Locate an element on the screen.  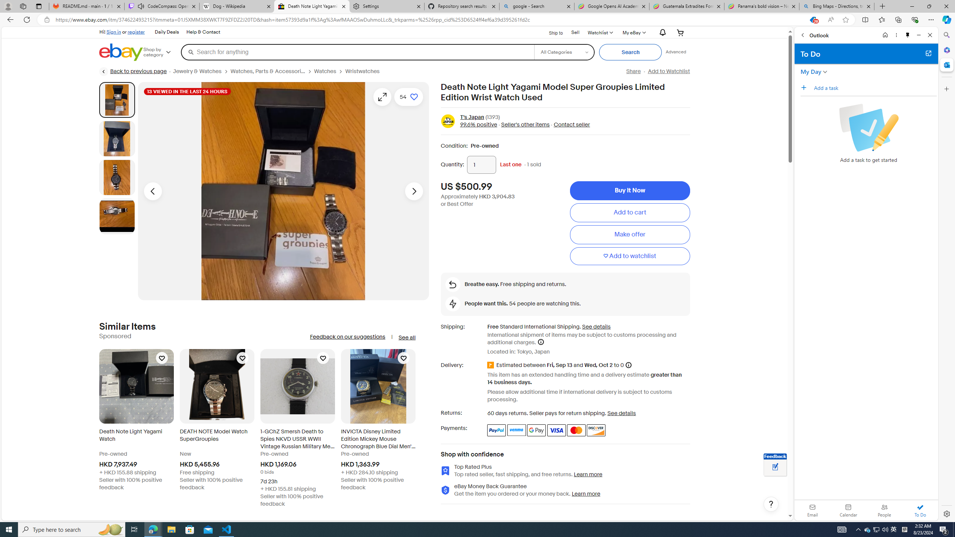
'Delivery alert flag' is located at coordinates (491, 365).